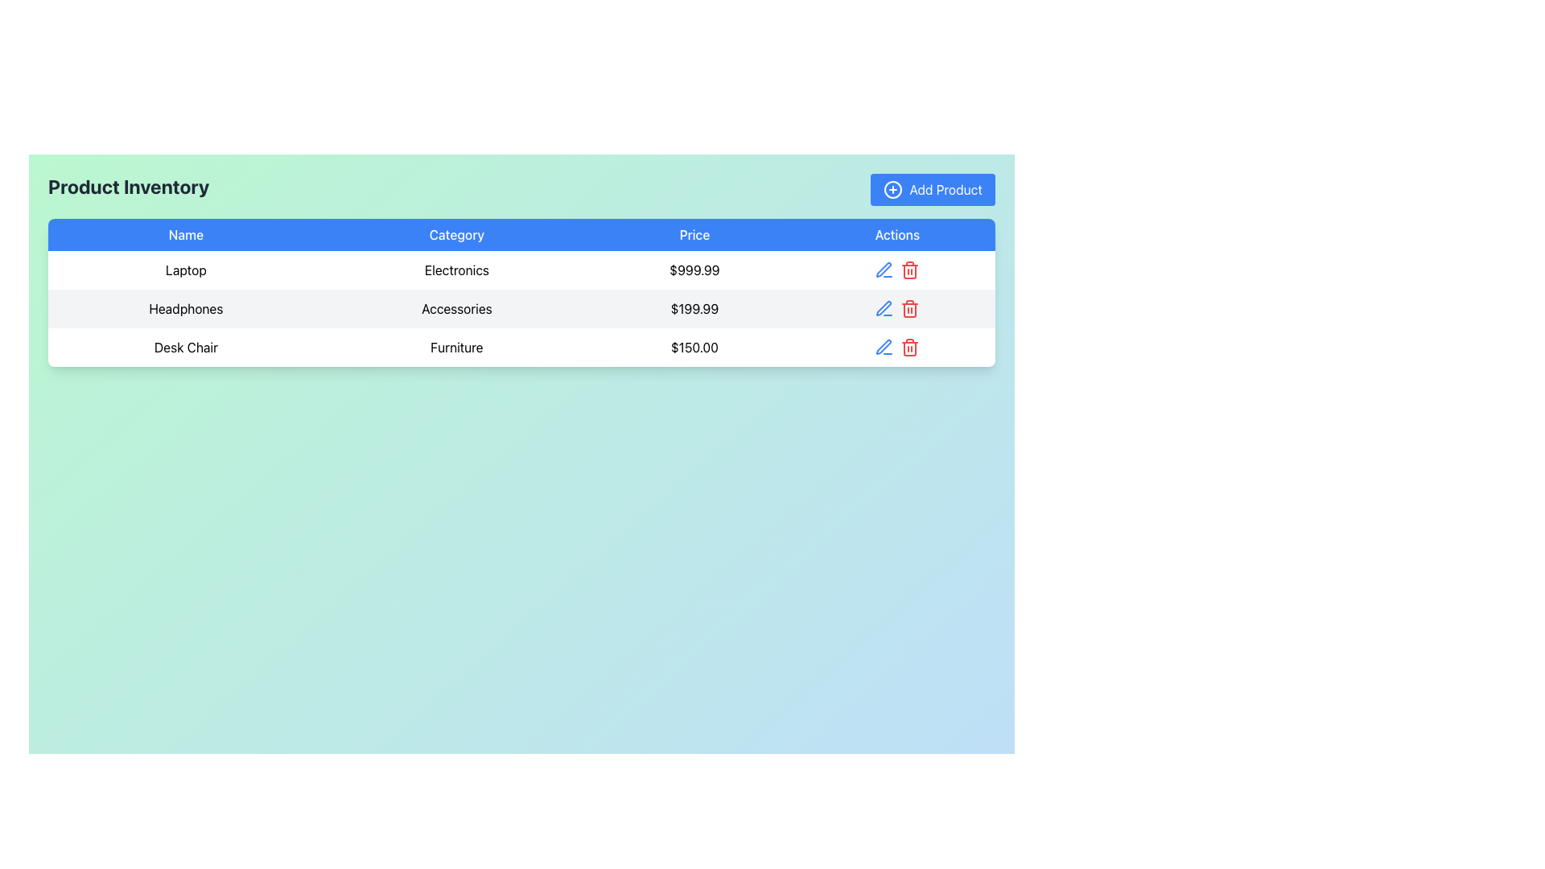 This screenshot has width=1545, height=869. Describe the element at coordinates (455, 309) in the screenshot. I see `the category label in the second row of the table under the 'Category' column, which identifies the type of item listed next to 'Headphones' and '$199.99'` at that location.